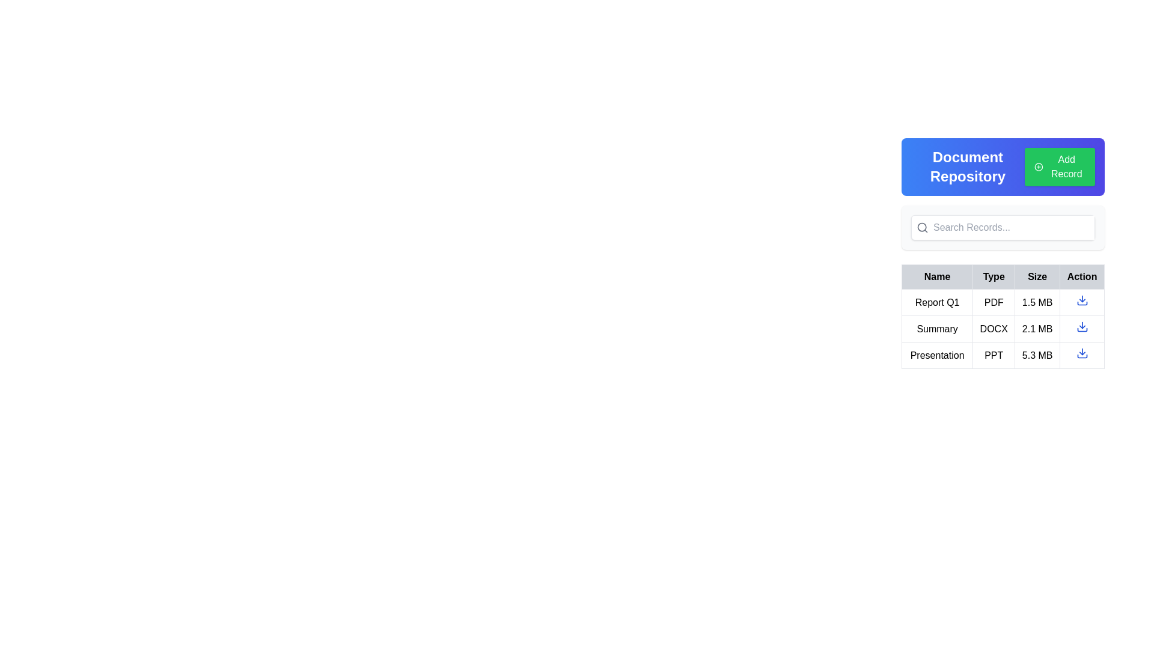  Describe the element at coordinates (1037, 355) in the screenshot. I see `the informational text label displaying the file size for the 'Presentation' row in the table, found in the 'Size' column` at that location.